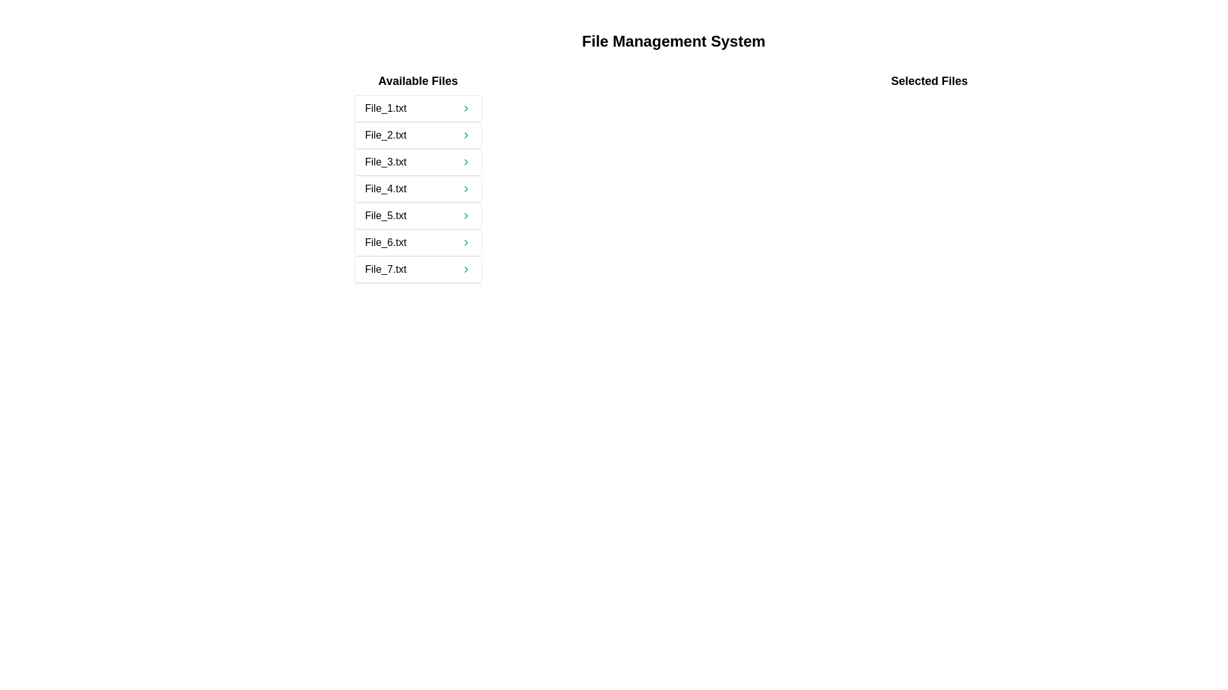 This screenshot has width=1228, height=690. Describe the element at coordinates (465, 268) in the screenshot. I see `the green chevron-shaped icon next to 'File_7.txt'` at that location.